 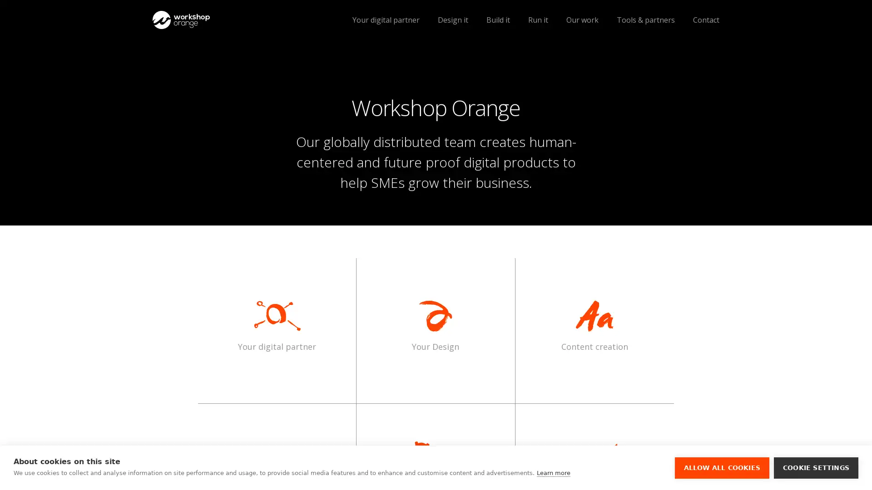 What do you see at coordinates (435, 325) in the screenshot?
I see `Your Design` at bounding box center [435, 325].